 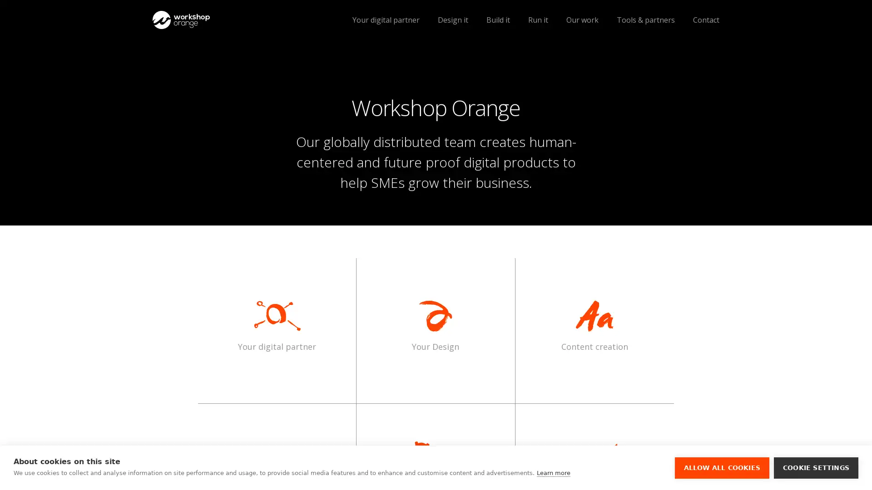 What do you see at coordinates (435, 325) in the screenshot?
I see `Your Design` at bounding box center [435, 325].